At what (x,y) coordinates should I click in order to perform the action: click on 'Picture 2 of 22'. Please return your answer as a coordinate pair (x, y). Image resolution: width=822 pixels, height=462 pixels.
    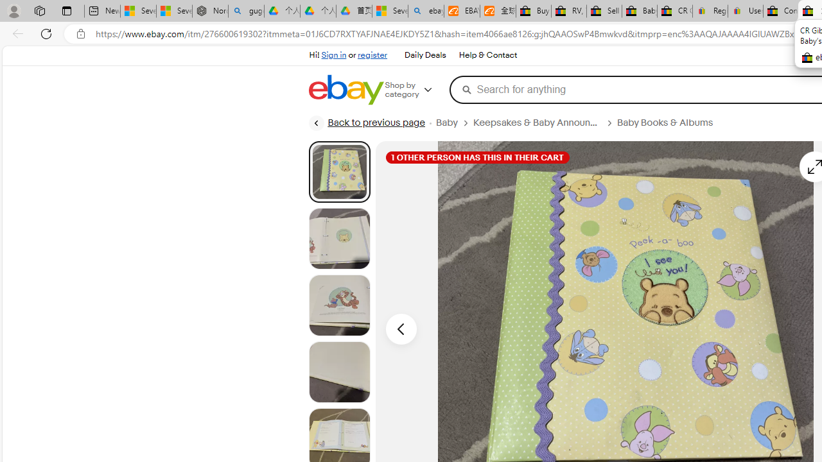
    Looking at the image, I should click on (339, 238).